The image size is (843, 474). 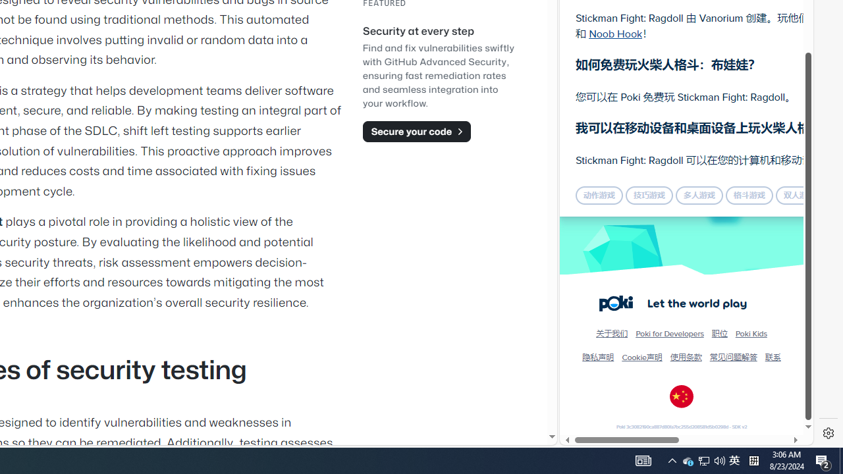 I want to click on 'Poki Kids', so click(x=751, y=332).